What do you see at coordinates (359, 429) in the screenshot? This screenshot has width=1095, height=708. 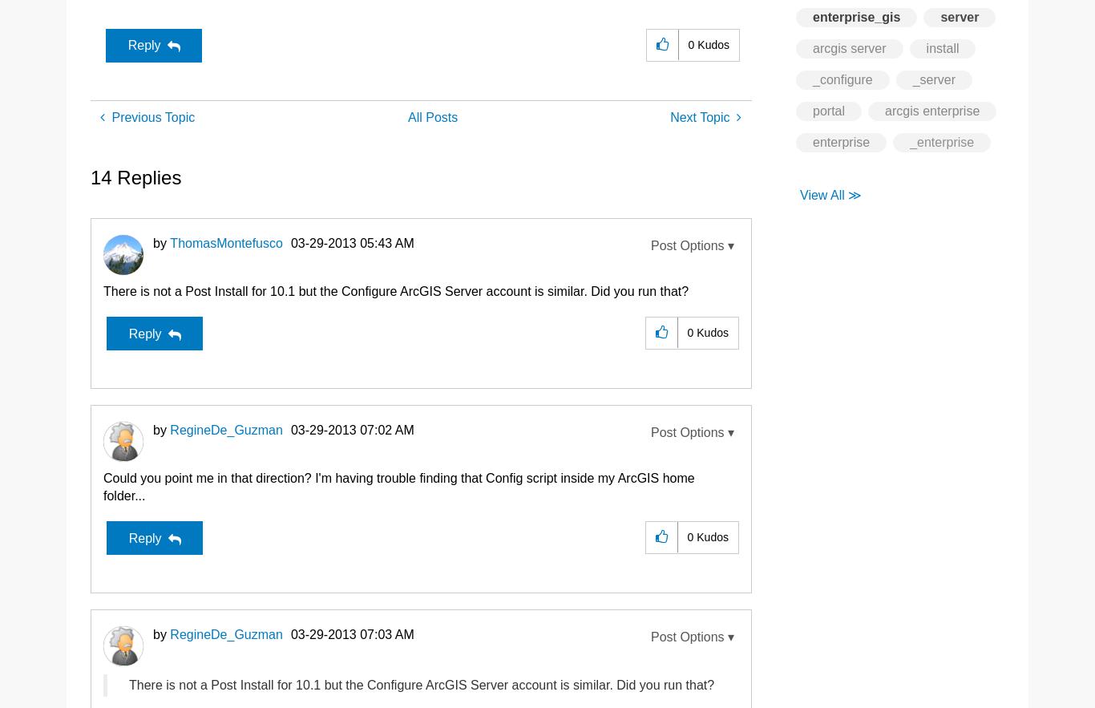 I see `'07:02 AM'` at bounding box center [359, 429].